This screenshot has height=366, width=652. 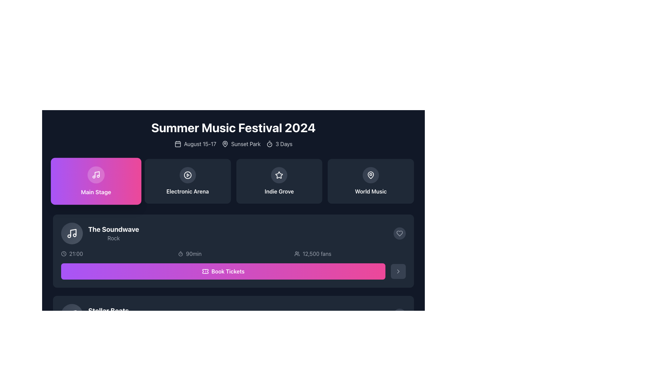 What do you see at coordinates (193, 253) in the screenshot?
I see `duration of the event displayed in the text label located in the lower central section of 'The Soundwave' music event entry, to the right of the clock icon` at bounding box center [193, 253].